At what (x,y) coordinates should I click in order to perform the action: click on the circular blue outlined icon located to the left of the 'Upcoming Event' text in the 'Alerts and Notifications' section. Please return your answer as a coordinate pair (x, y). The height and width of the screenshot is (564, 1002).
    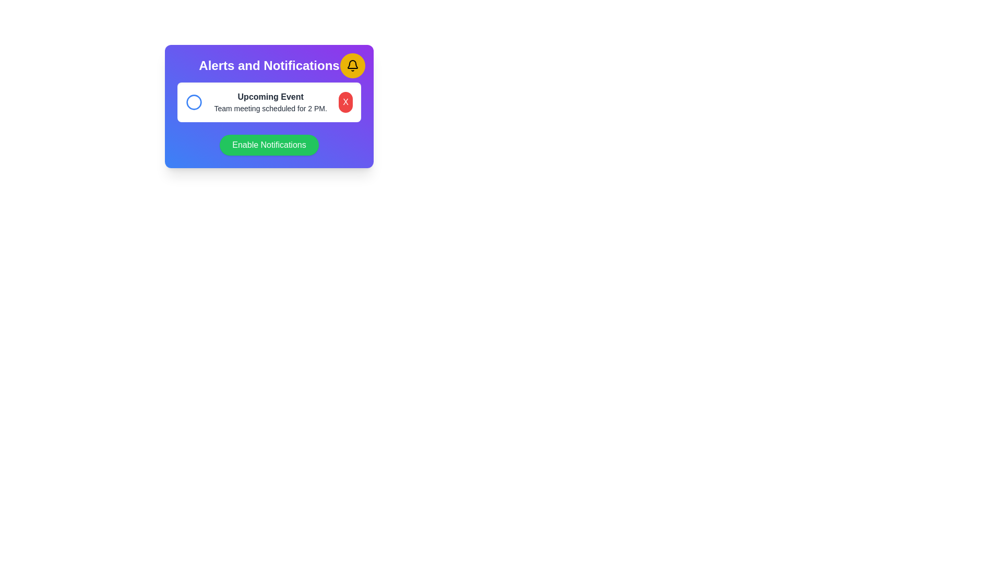
    Looking at the image, I should click on (194, 102).